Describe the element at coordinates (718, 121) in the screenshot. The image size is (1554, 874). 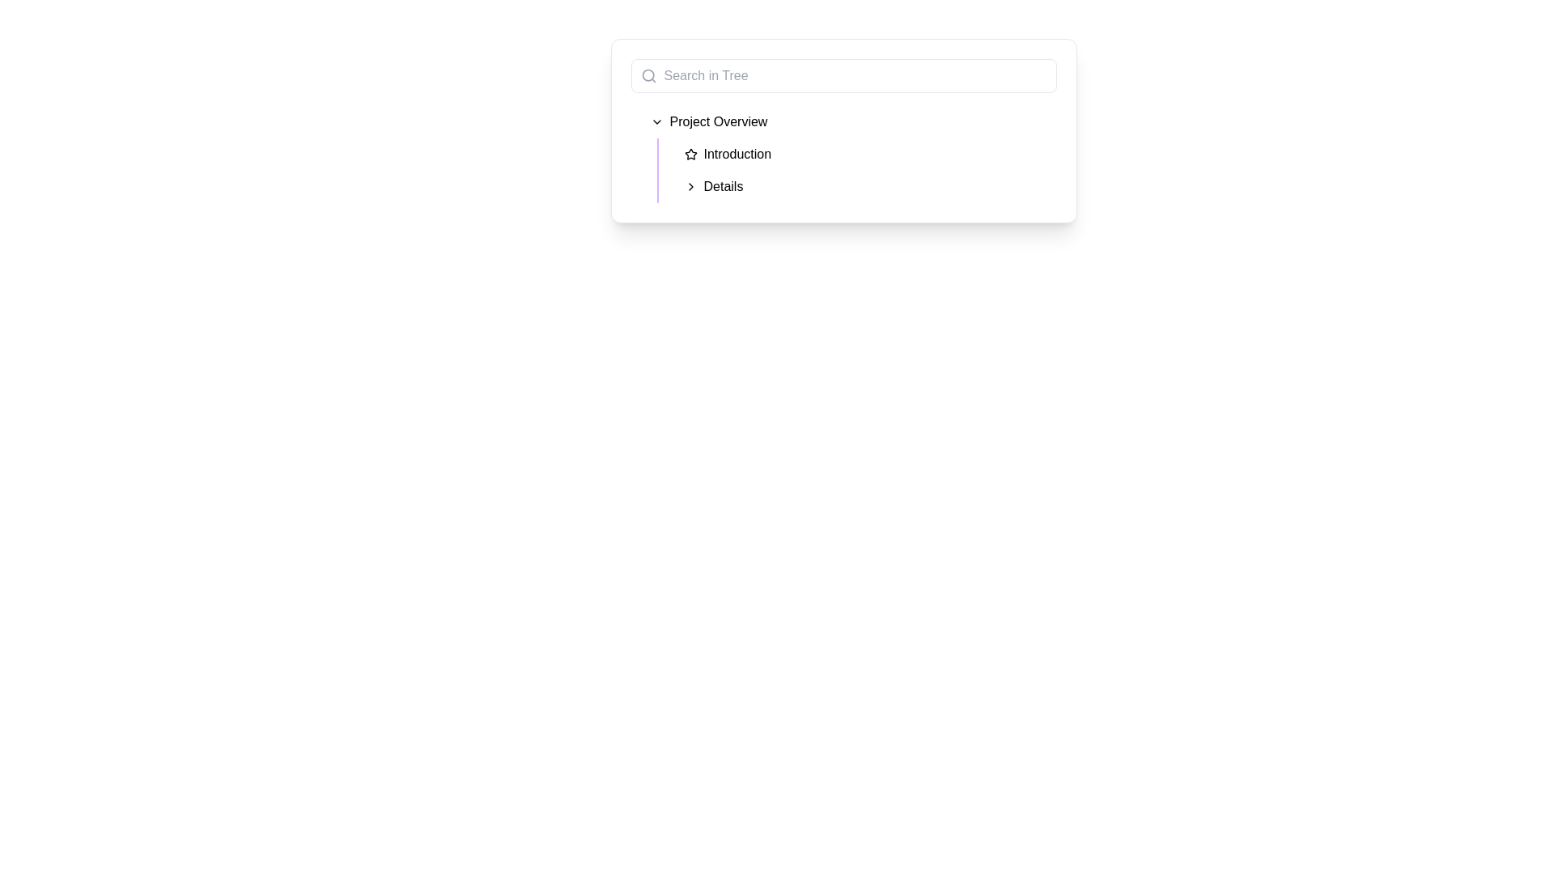
I see `the text label indicating the section or category name within the navigation panel for interaction` at that location.